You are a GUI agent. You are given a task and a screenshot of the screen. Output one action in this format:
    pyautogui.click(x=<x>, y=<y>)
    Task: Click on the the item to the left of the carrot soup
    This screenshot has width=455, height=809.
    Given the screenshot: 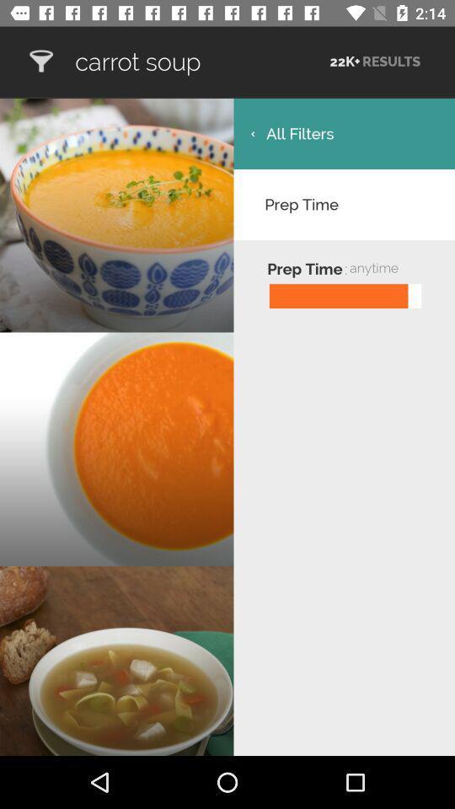 What is the action you would take?
    pyautogui.click(x=40, y=62)
    